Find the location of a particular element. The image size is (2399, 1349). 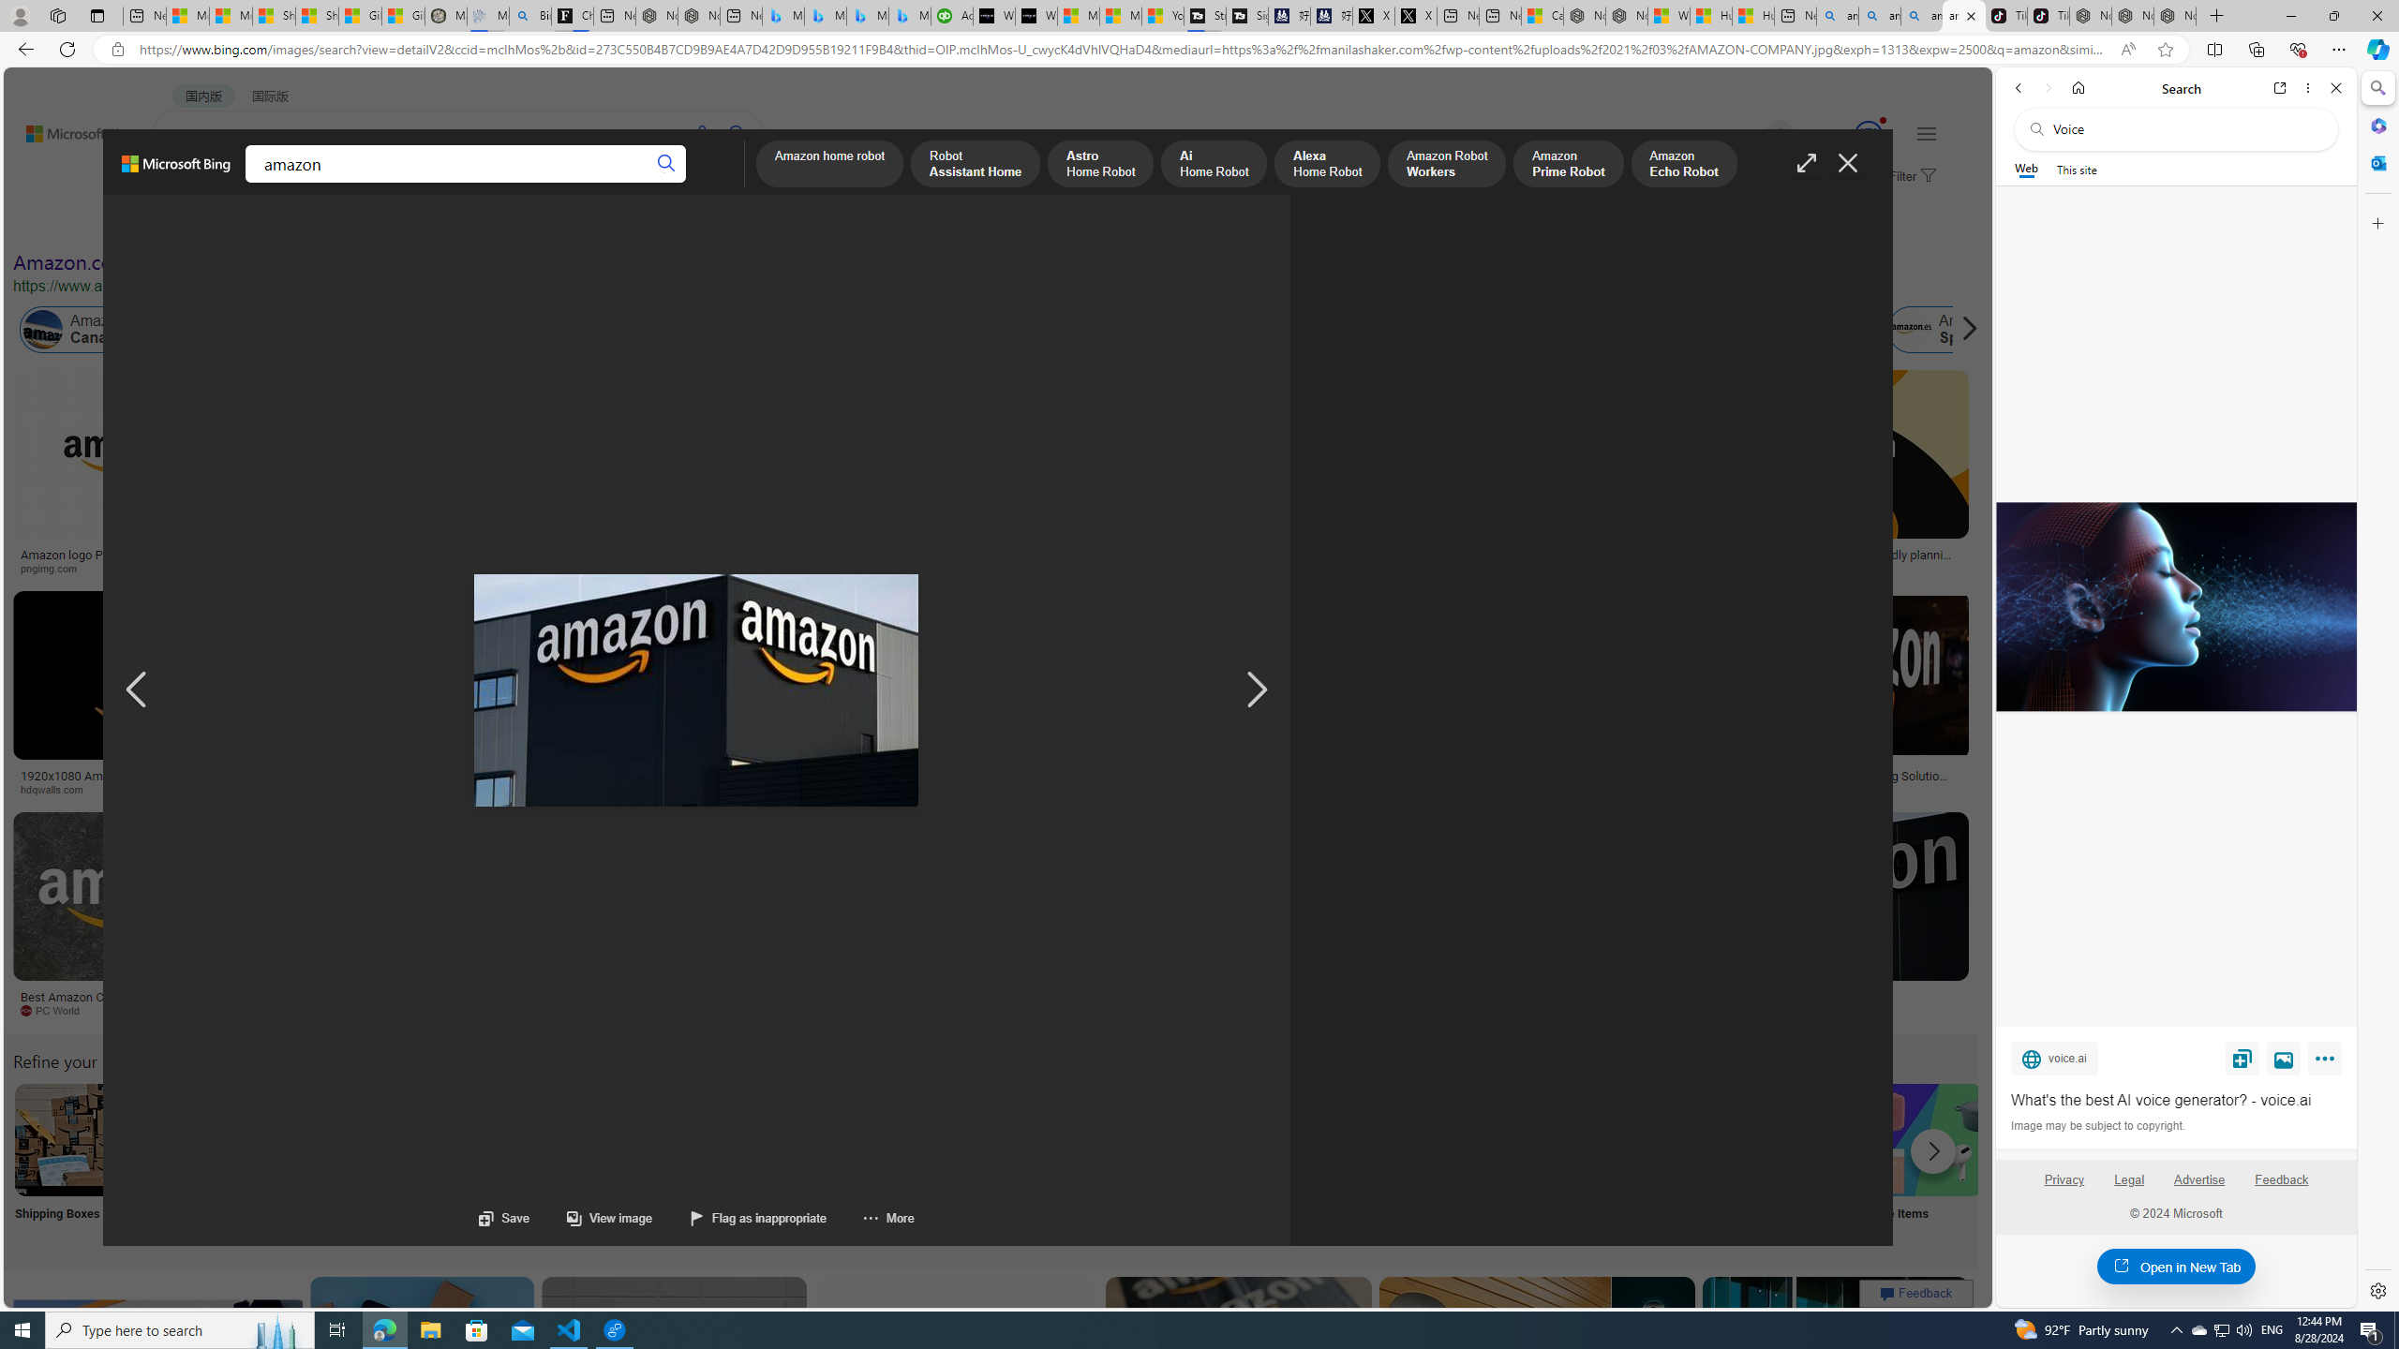

'Privacy' is located at coordinates (2063, 1187).